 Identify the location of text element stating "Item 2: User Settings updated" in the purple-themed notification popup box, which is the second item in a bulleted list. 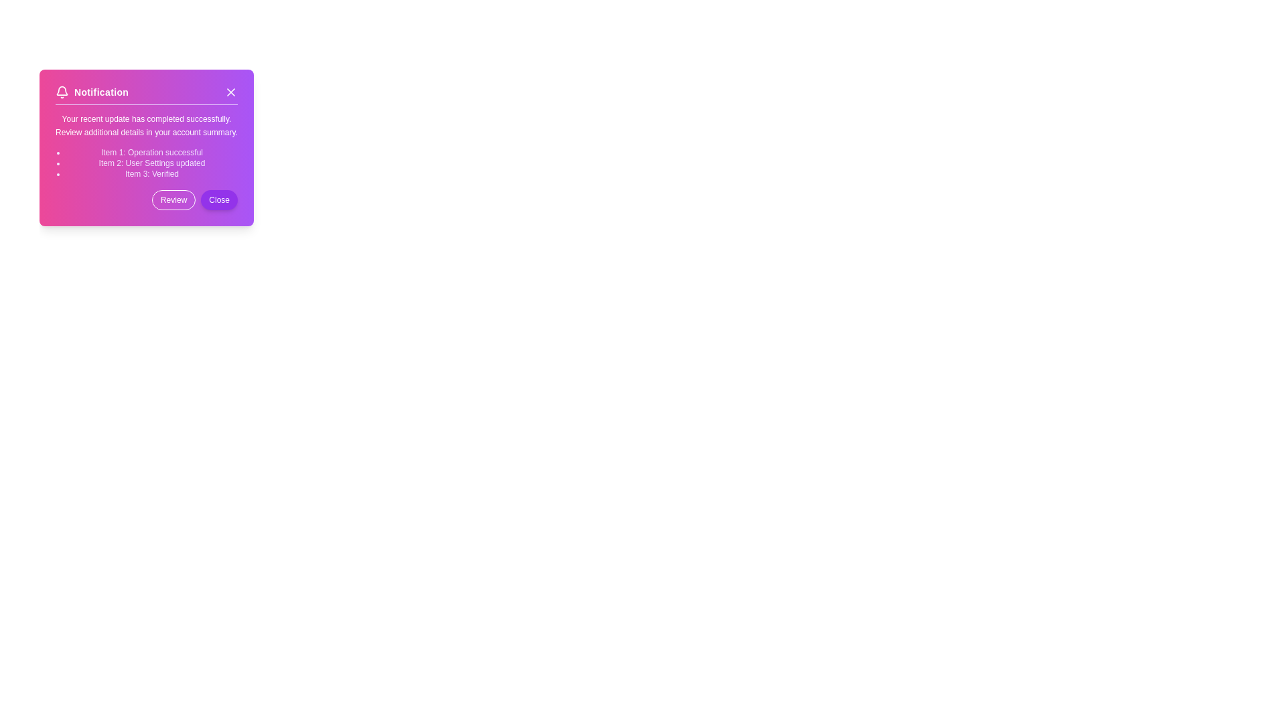
(151, 162).